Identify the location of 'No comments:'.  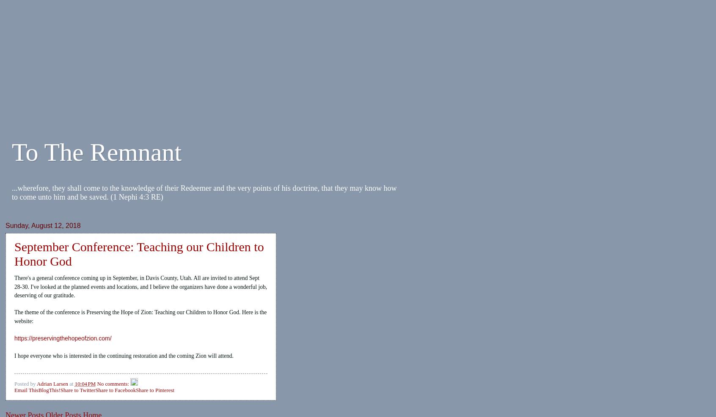
(96, 384).